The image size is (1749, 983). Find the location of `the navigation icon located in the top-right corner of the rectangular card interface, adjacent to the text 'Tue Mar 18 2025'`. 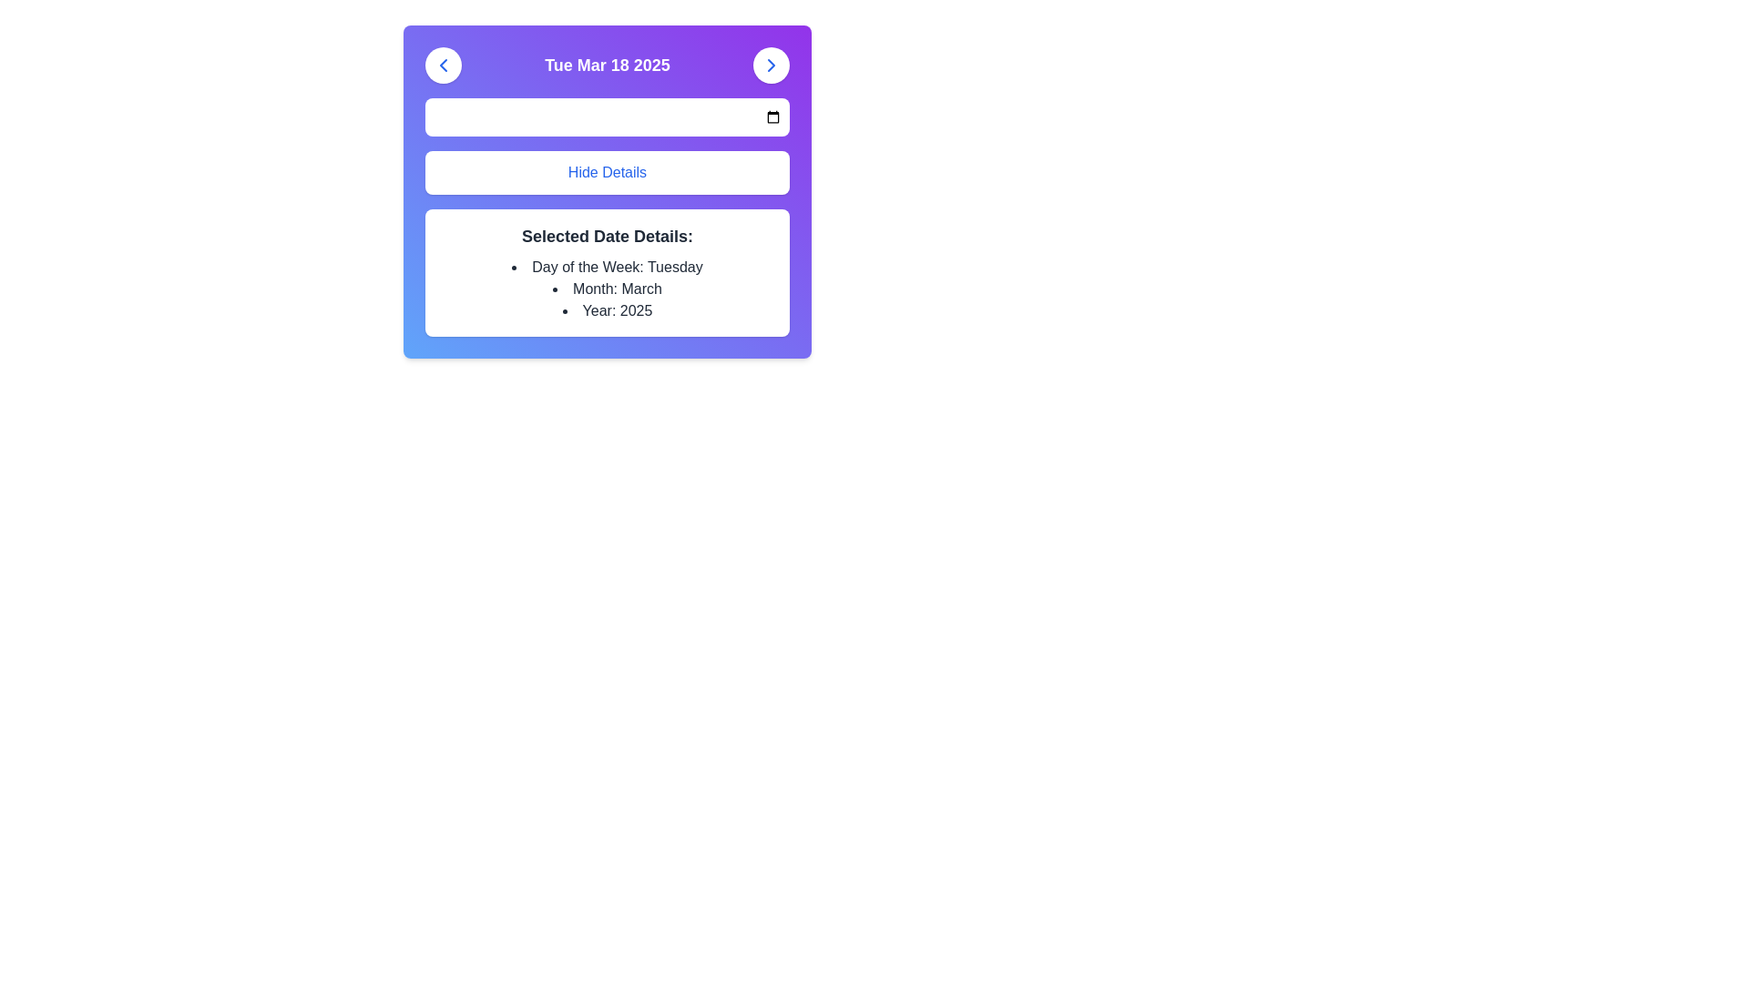

the navigation icon located in the top-right corner of the rectangular card interface, adjacent to the text 'Tue Mar 18 2025' is located at coordinates (771, 65).